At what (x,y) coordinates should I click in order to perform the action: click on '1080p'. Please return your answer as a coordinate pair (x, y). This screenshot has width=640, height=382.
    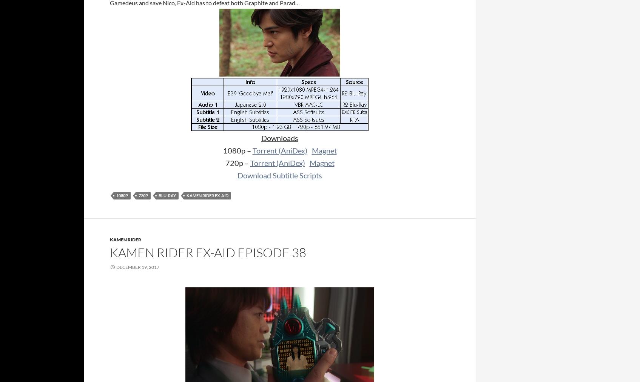
    Looking at the image, I should click on (122, 195).